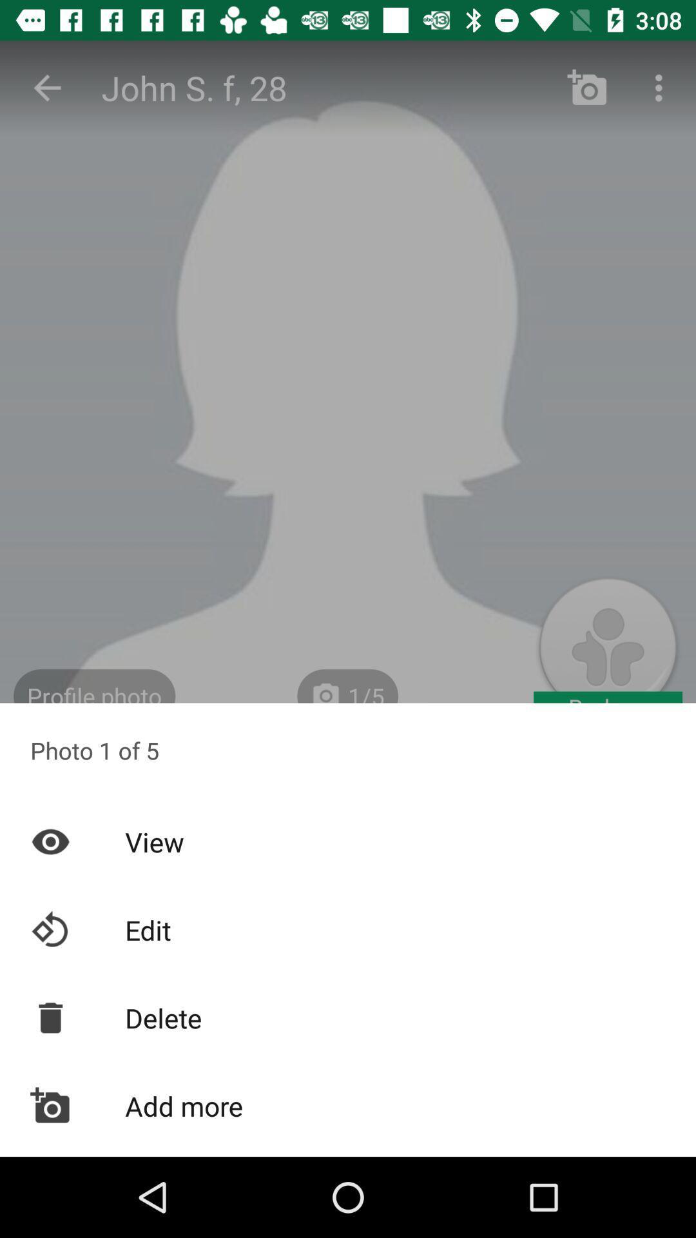 Image resolution: width=696 pixels, height=1238 pixels. Describe the element at coordinates (348, 1105) in the screenshot. I see `the add more item` at that location.